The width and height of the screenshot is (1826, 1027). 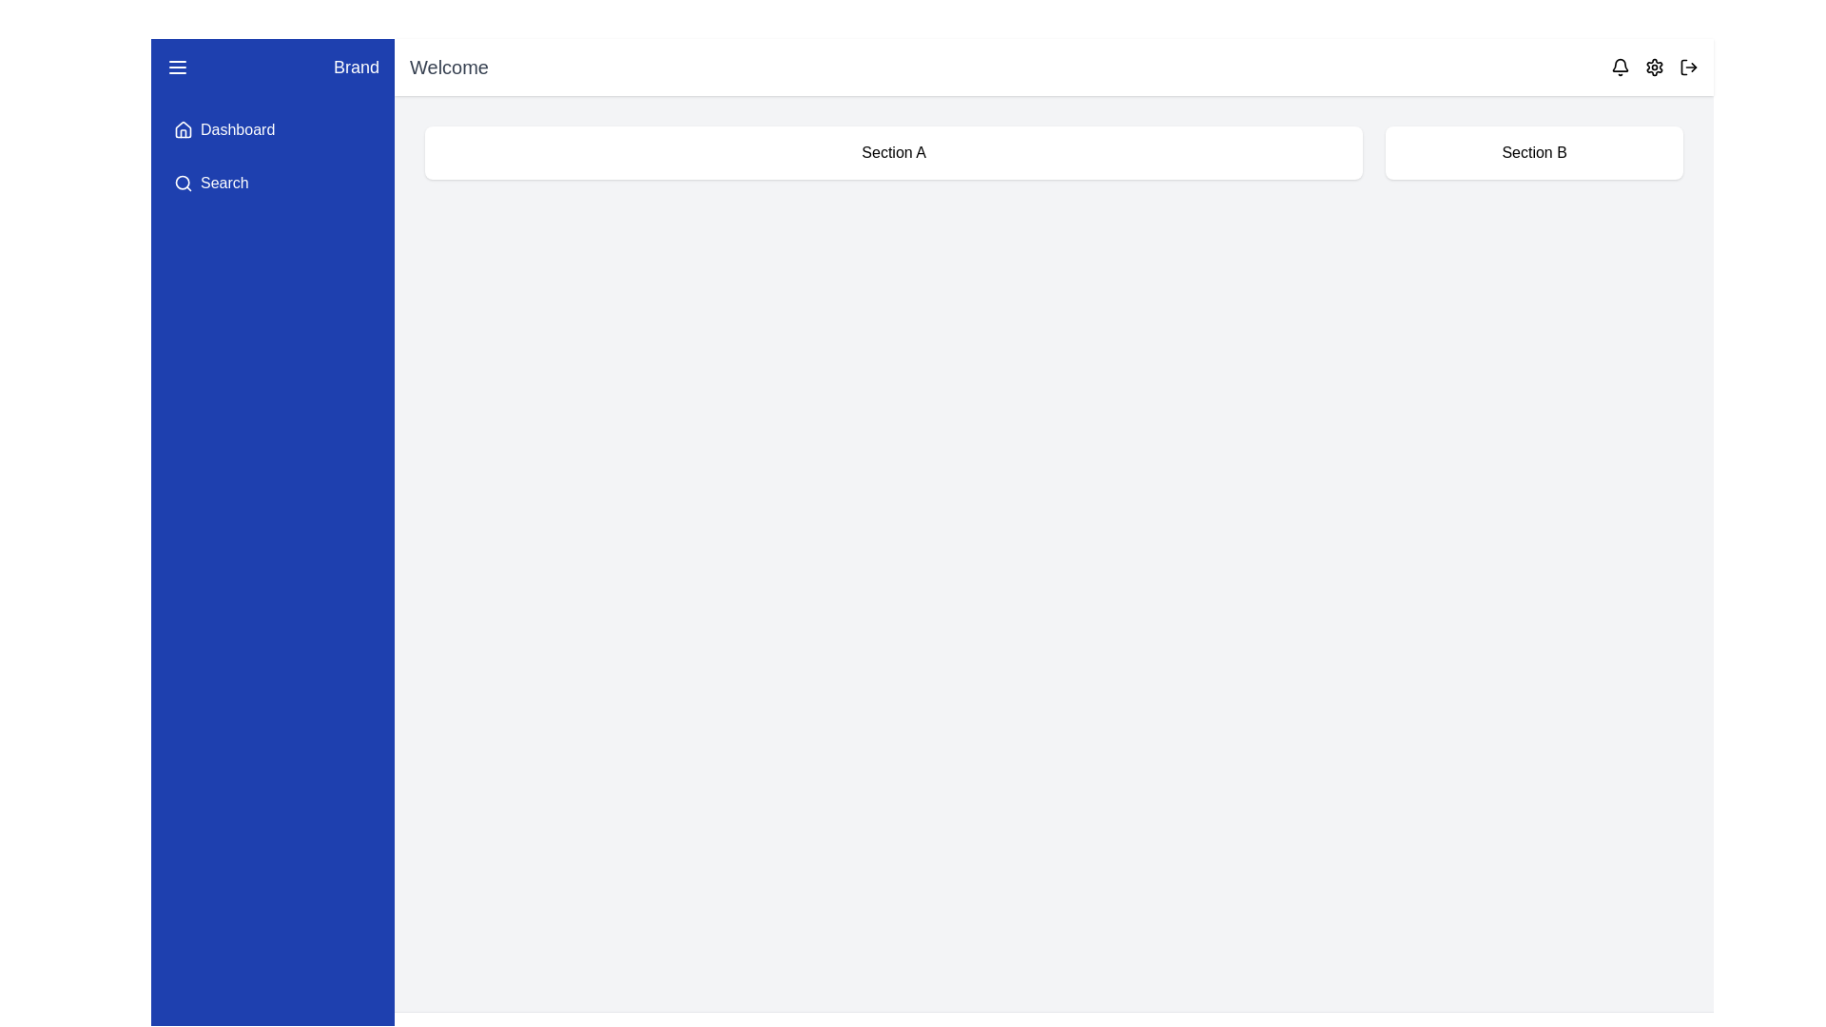 I want to click on the Notification Bell icon, so click(x=1620, y=66).